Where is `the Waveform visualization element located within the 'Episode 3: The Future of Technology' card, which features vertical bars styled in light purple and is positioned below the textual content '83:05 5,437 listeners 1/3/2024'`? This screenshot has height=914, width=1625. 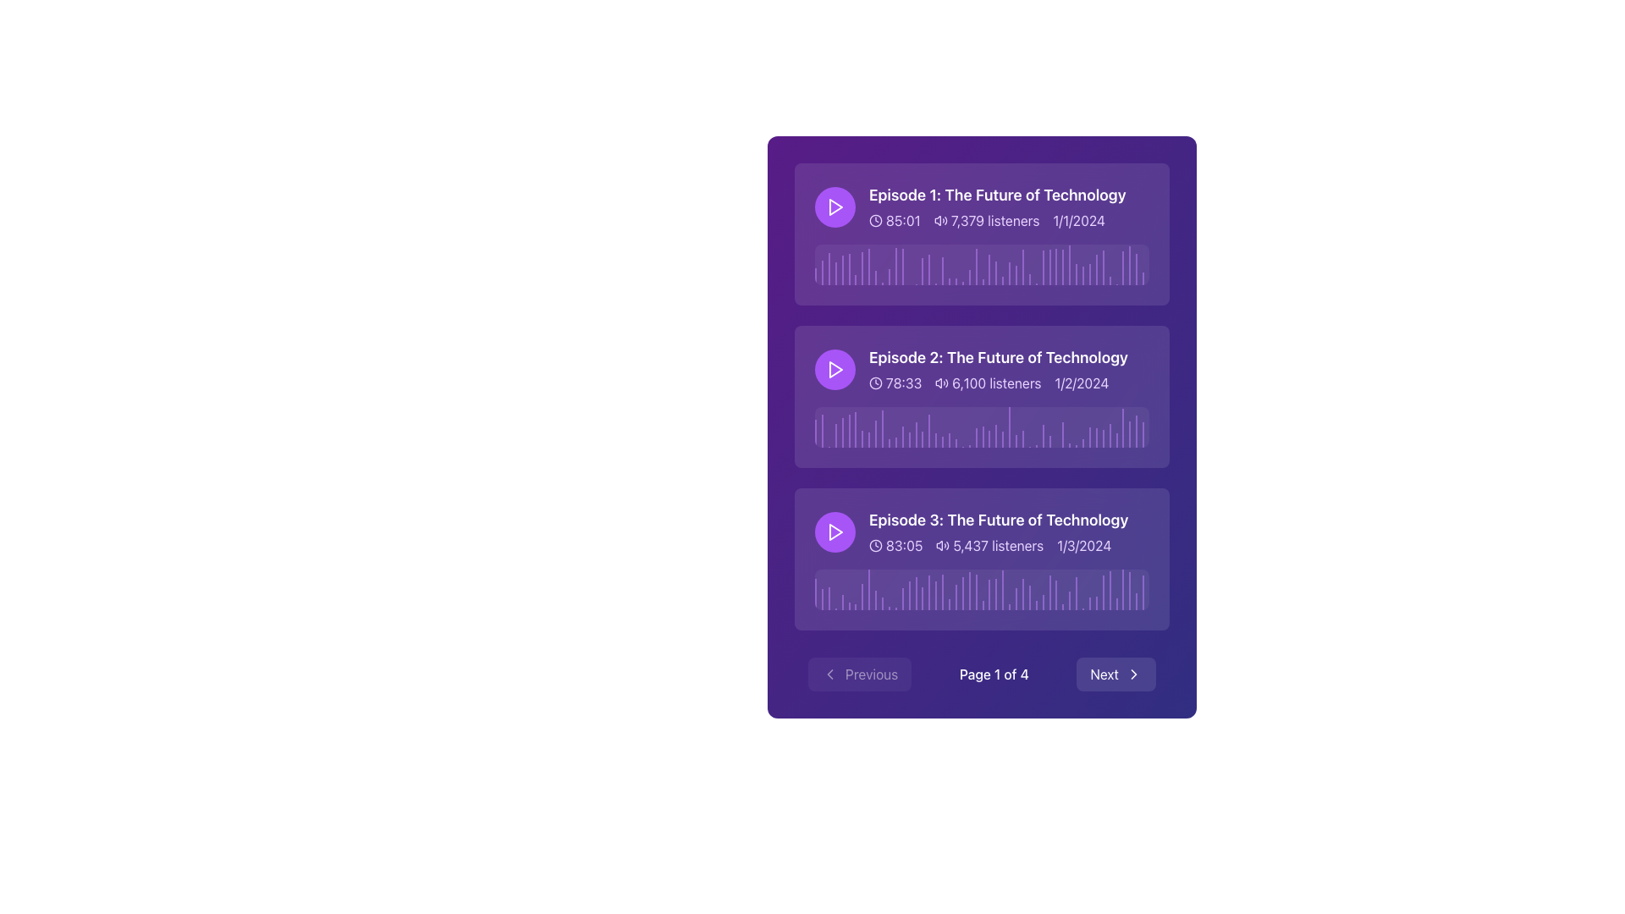
the Waveform visualization element located within the 'Episode 3: The Future of Technology' card, which features vertical bars styled in light purple and is positioned below the textual content '83:05 5,437 listeners 1/3/2024' is located at coordinates (982, 589).